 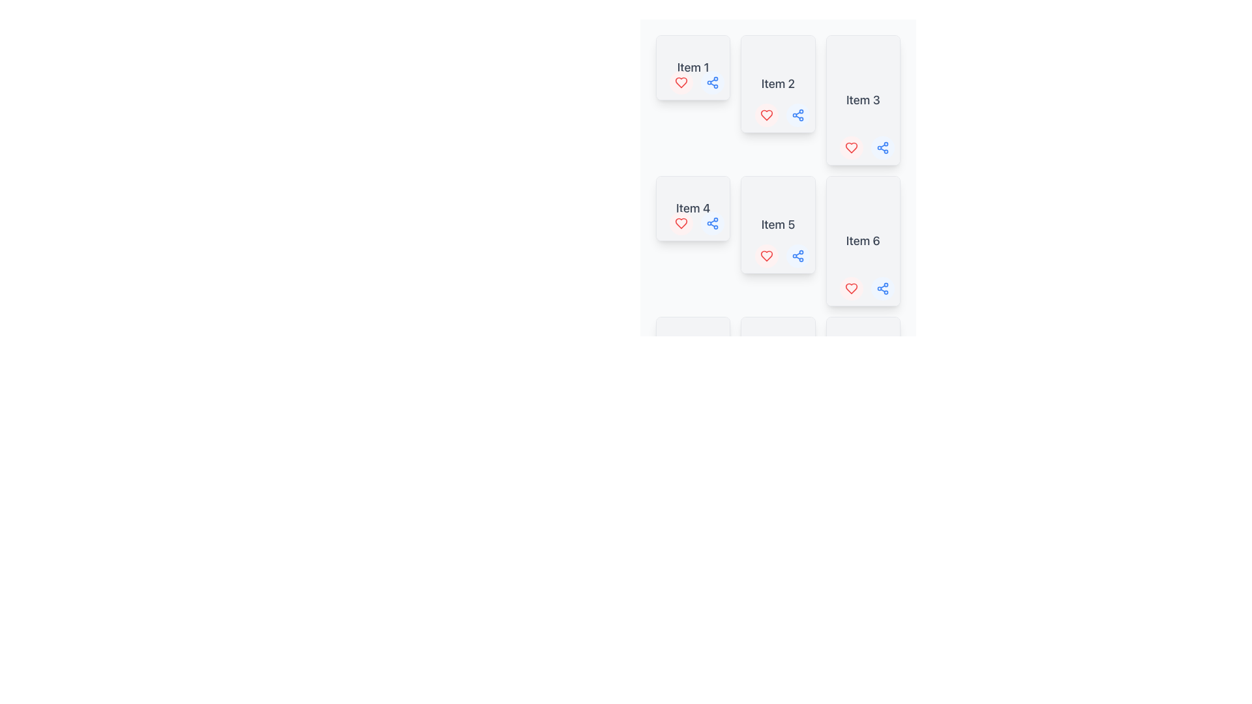 What do you see at coordinates (681, 83) in the screenshot?
I see `the red-stroked heart icon located in the bottom row of 'Item 1' card` at bounding box center [681, 83].